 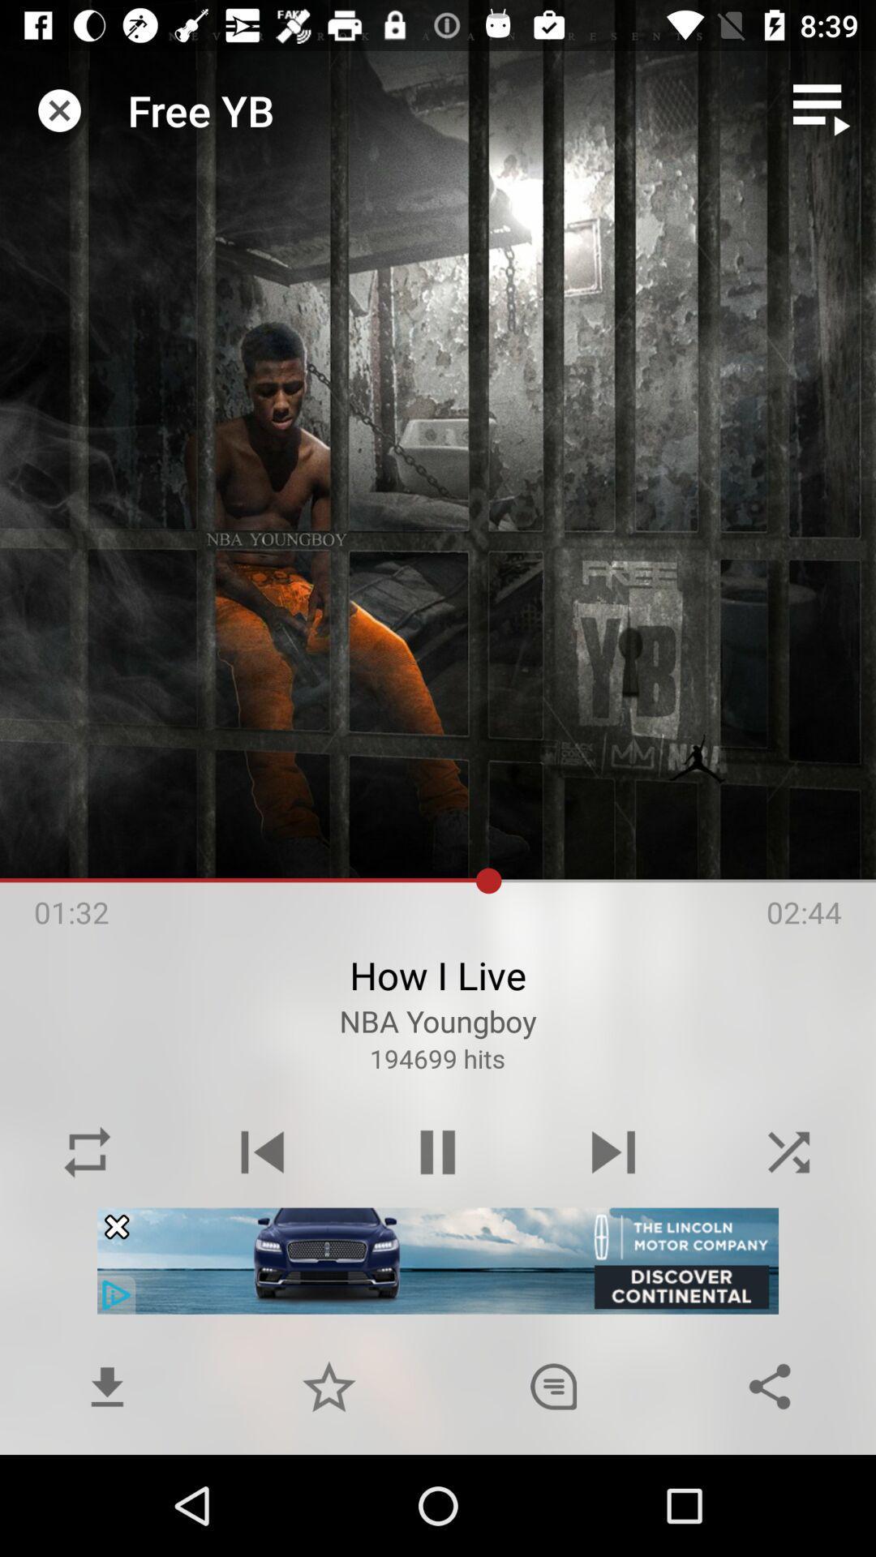 I want to click on the star icon, so click(x=328, y=1385).